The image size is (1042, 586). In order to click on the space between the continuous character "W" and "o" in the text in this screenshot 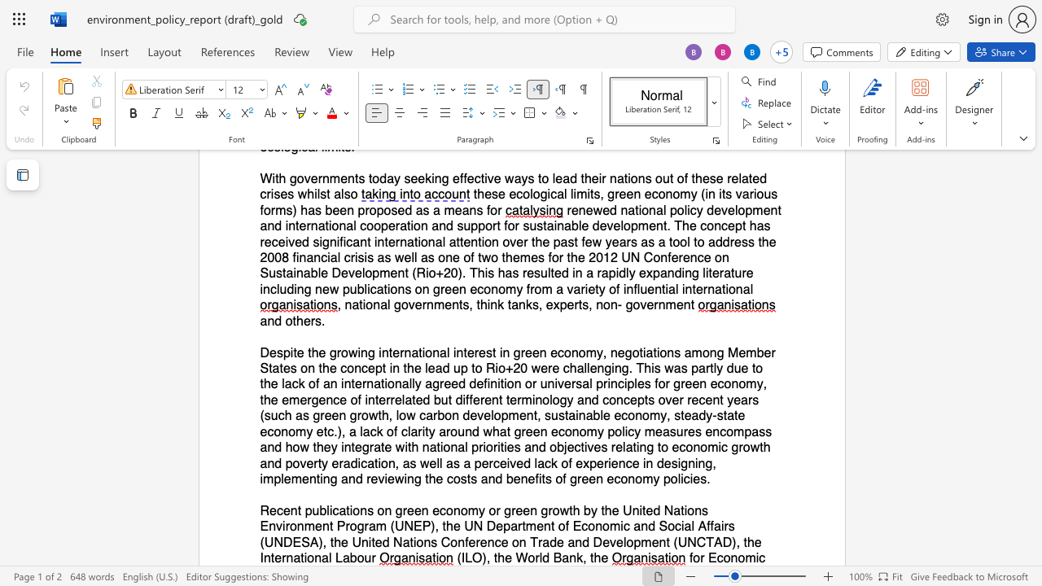, I will do `click(527, 558)`.